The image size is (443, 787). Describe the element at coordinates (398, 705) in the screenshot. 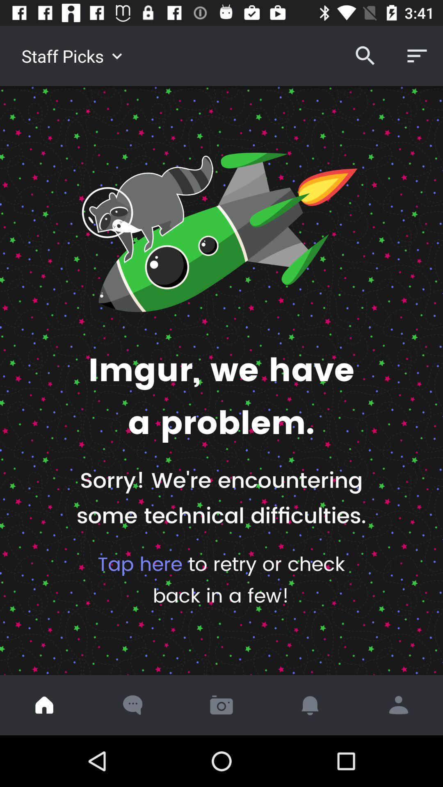

I see `its button that goes into your profile page` at that location.